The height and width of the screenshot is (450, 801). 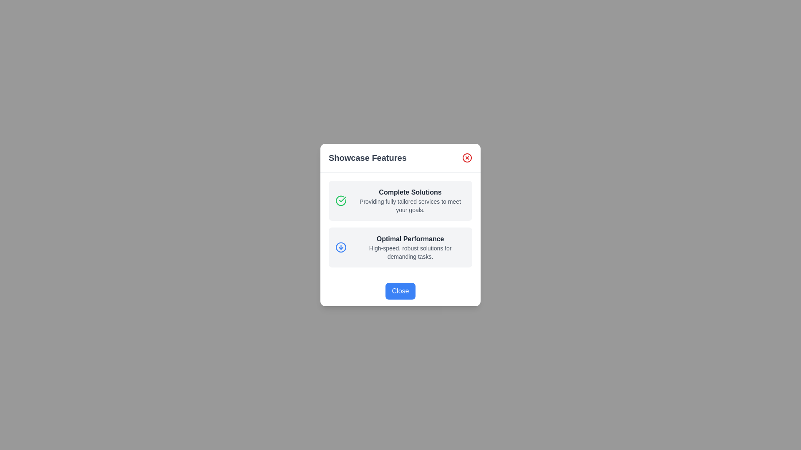 What do you see at coordinates (340, 247) in the screenshot?
I see `the icon representing the feature 'Optimal Performance'` at bounding box center [340, 247].